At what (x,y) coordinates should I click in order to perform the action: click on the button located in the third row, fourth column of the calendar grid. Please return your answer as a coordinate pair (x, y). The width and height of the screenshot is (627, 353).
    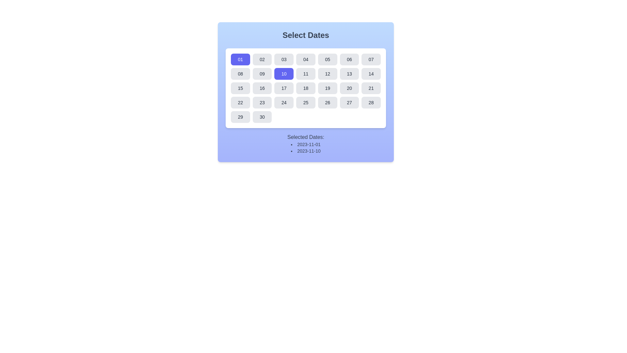
    Looking at the image, I should click on (305, 88).